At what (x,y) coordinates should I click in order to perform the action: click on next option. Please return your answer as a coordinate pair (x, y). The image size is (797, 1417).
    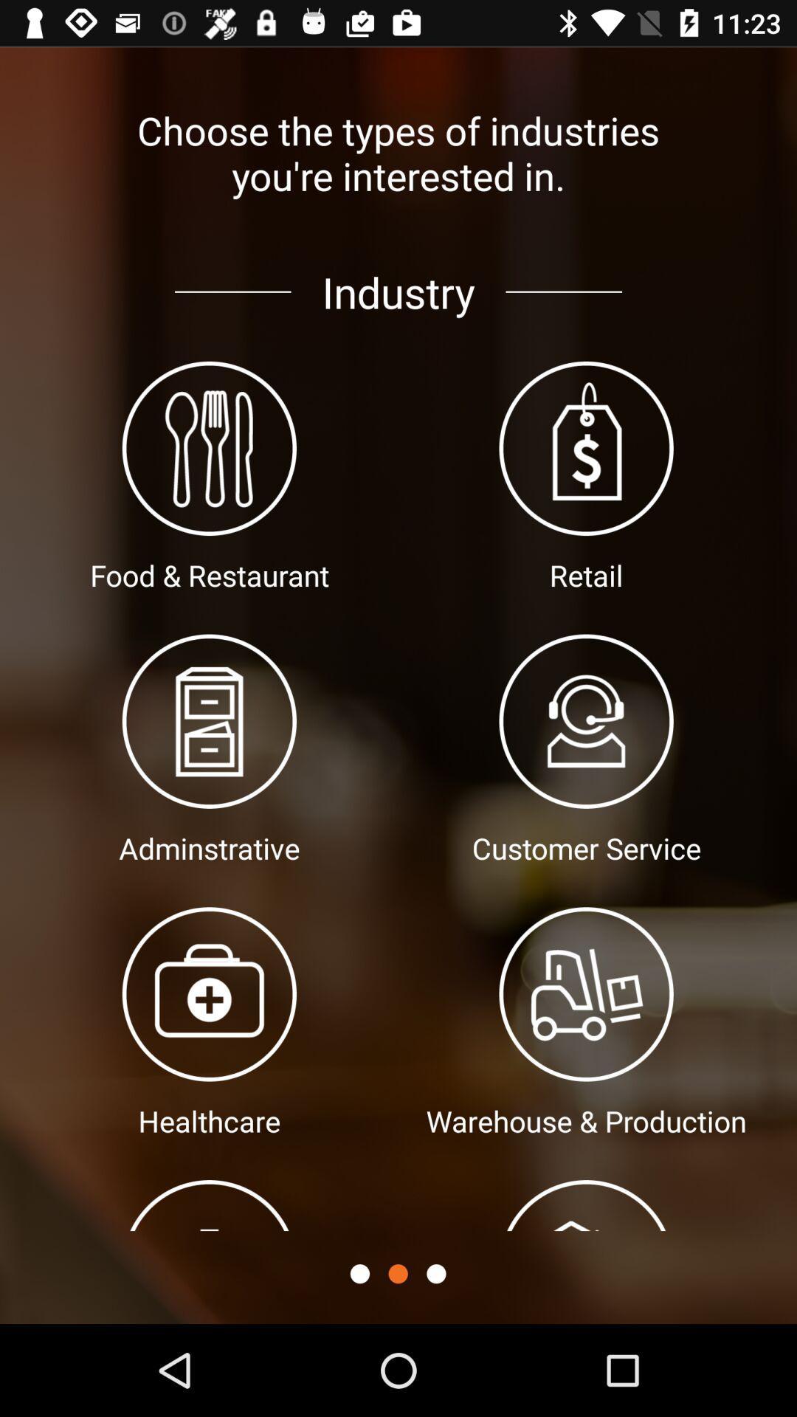
    Looking at the image, I should click on (435, 1273).